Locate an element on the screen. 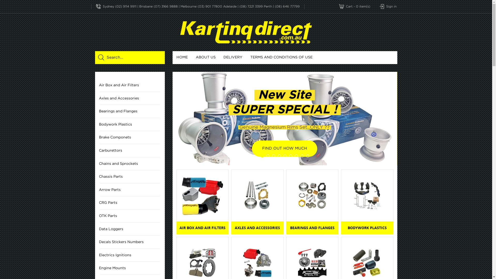 The height and width of the screenshot is (279, 496). 'Electrics Ignitions' is located at coordinates (130, 255).